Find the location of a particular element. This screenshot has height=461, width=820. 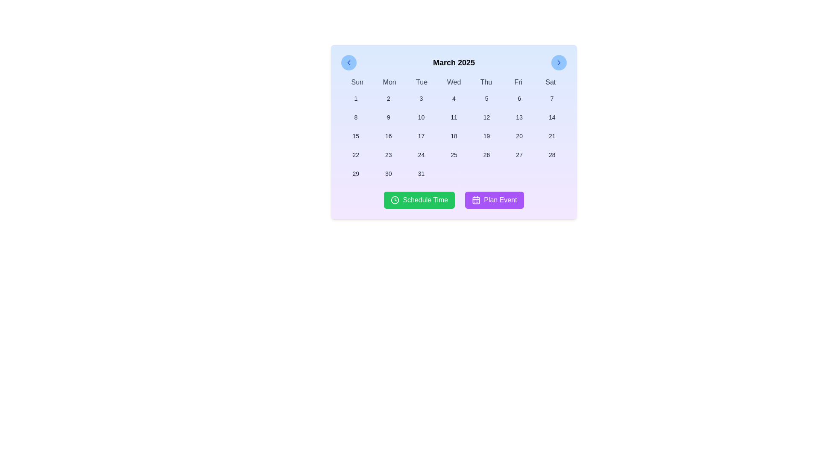

the green 'Schedule Time' button with a white clock icon is located at coordinates (419, 200).